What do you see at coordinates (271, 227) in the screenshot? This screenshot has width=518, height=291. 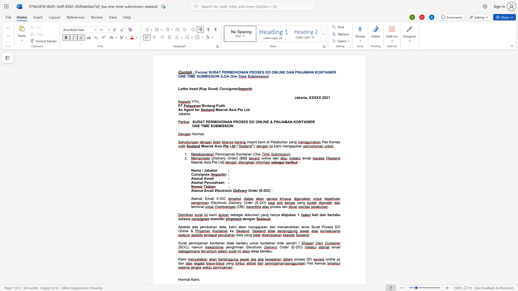 I see `the subset text "an menyerahk" within the text "Apabila ada perubahan data, kami akan mengajukan dan menyerahkan revisi Surat"` at bounding box center [271, 227].